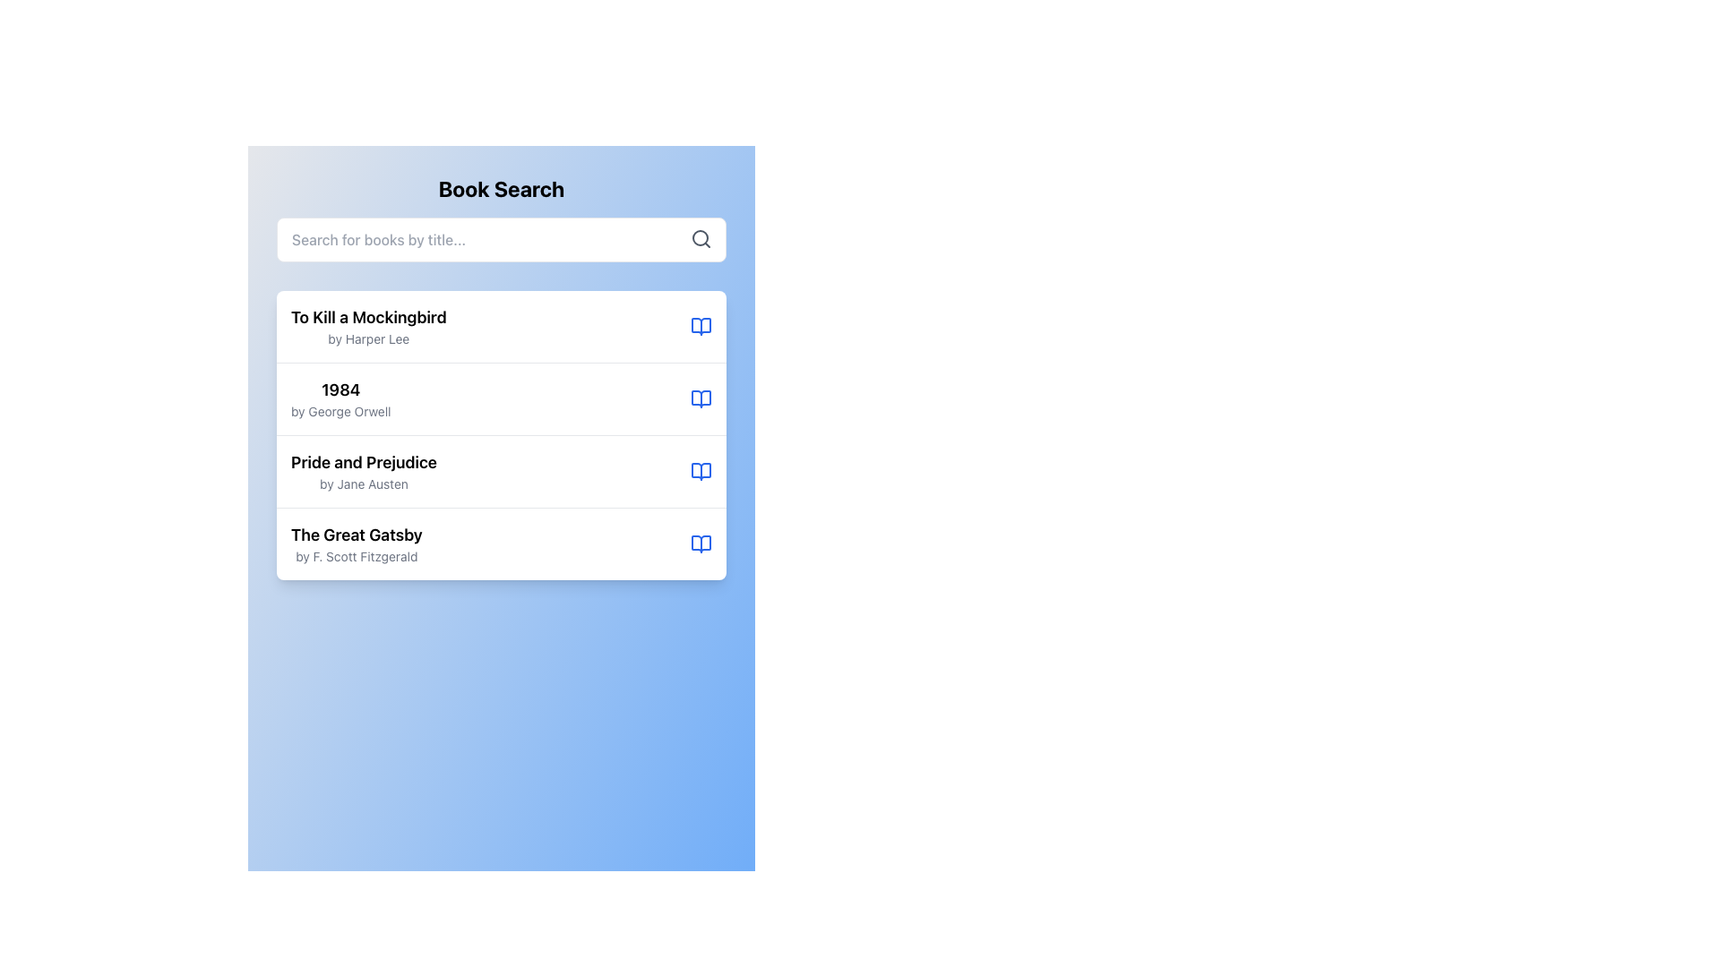  Describe the element at coordinates (502, 543) in the screenshot. I see `the fourth list item in the book list` at that location.